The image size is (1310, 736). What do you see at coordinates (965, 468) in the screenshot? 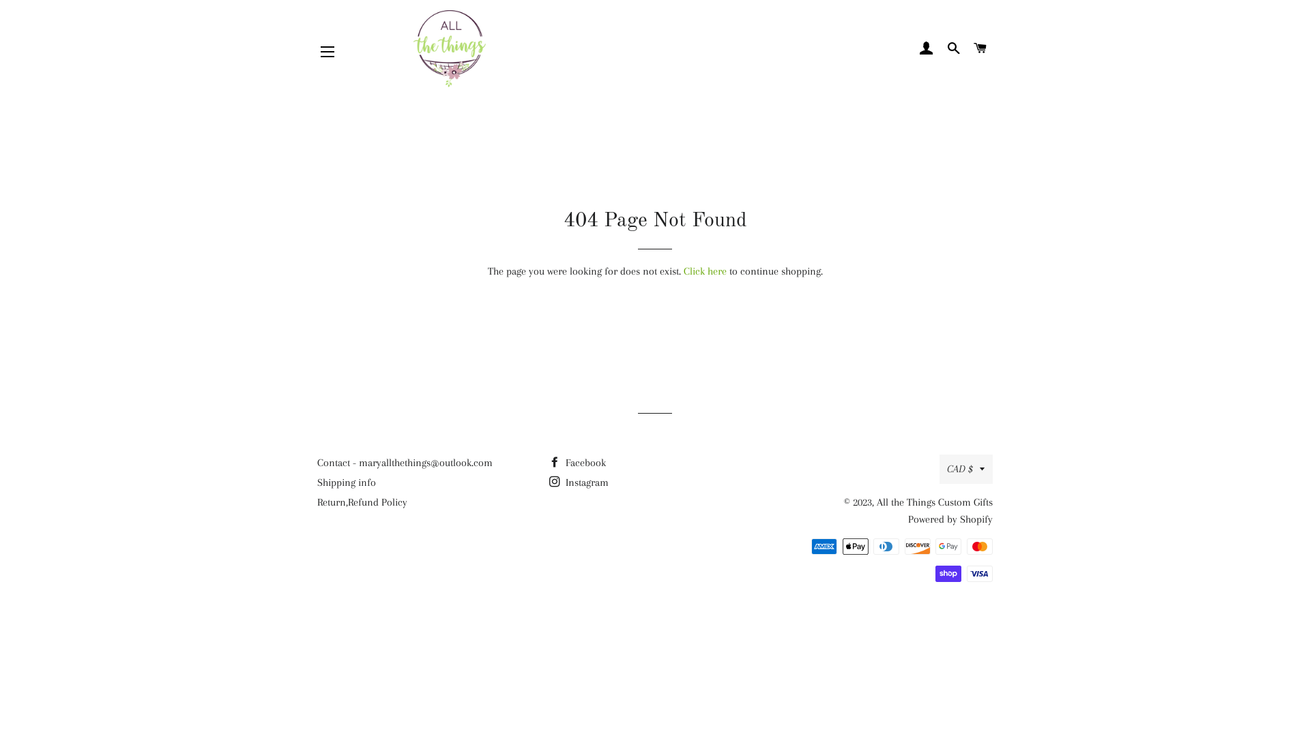
I see `'CAD $'` at bounding box center [965, 468].